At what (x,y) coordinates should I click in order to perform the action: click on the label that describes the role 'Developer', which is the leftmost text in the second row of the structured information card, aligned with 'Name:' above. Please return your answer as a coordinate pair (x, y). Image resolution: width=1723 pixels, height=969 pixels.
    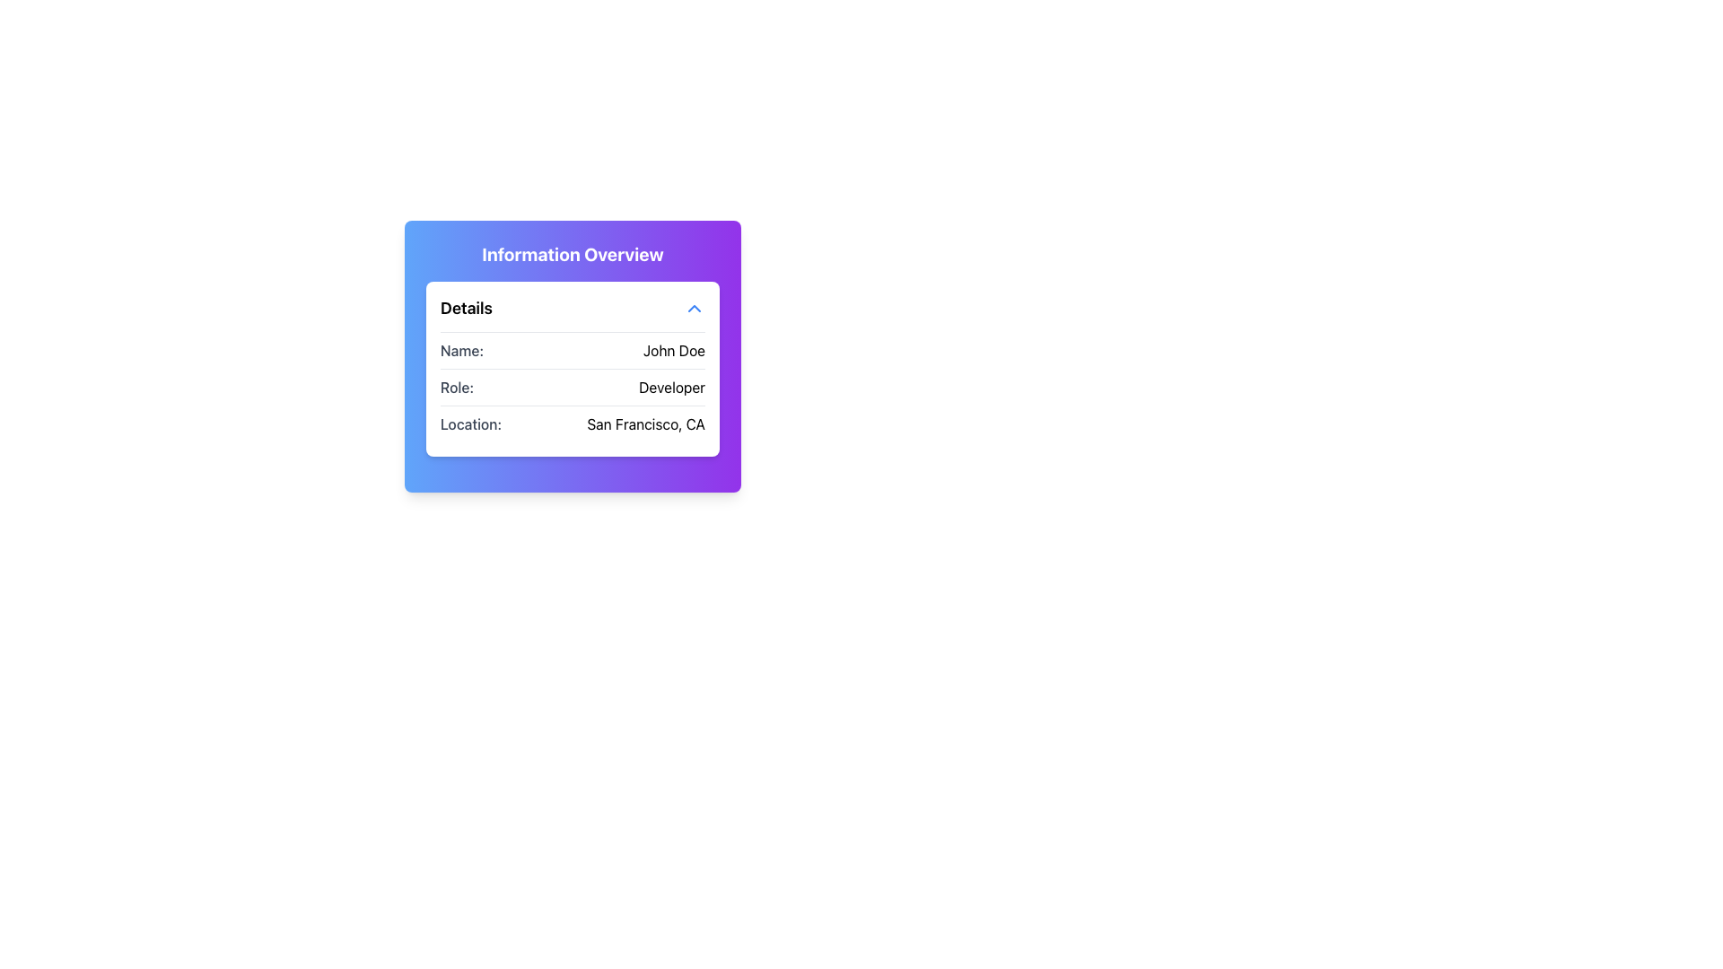
    Looking at the image, I should click on (457, 387).